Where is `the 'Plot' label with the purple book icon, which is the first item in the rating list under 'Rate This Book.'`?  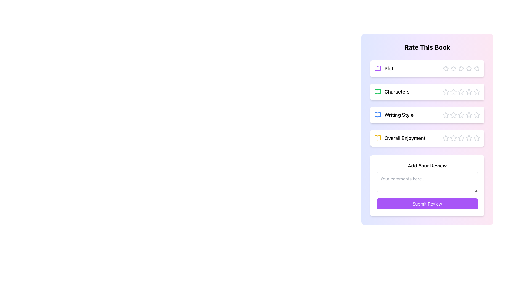
the 'Plot' label with the purple book icon, which is the first item in the rating list under 'Rate This Book.' is located at coordinates (384, 68).